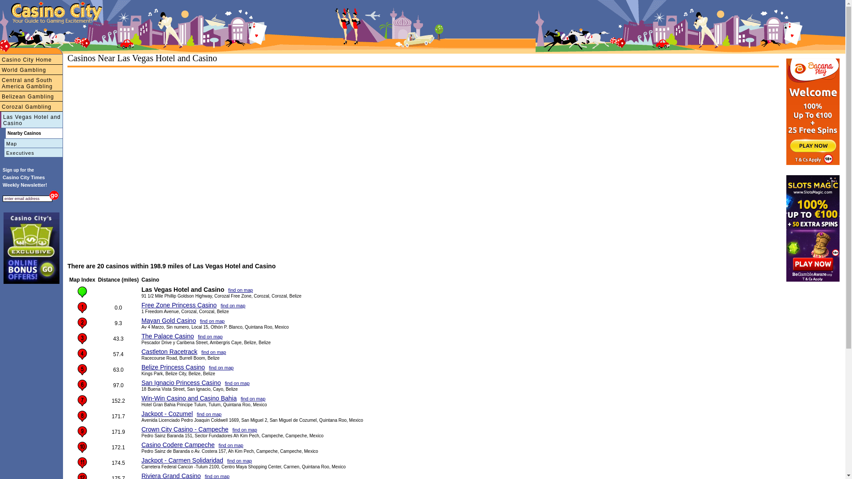  What do you see at coordinates (28, 198) in the screenshot?
I see `'enter email address'` at bounding box center [28, 198].